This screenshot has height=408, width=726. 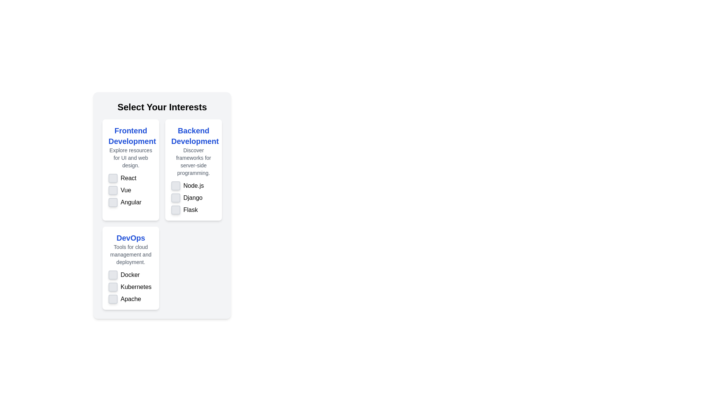 What do you see at coordinates (112, 275) in the screenshot?
I see `the first checkbox in the 'DevOps' section` at bounding box center [112, 275].